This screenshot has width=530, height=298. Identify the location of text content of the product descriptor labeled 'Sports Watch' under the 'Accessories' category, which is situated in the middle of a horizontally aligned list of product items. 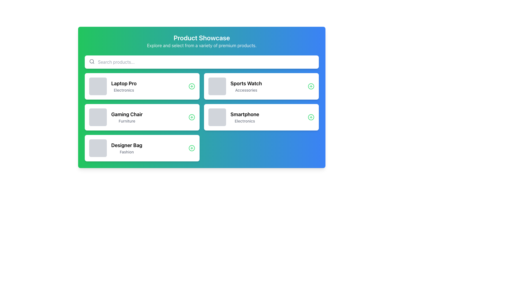
(235, 86).